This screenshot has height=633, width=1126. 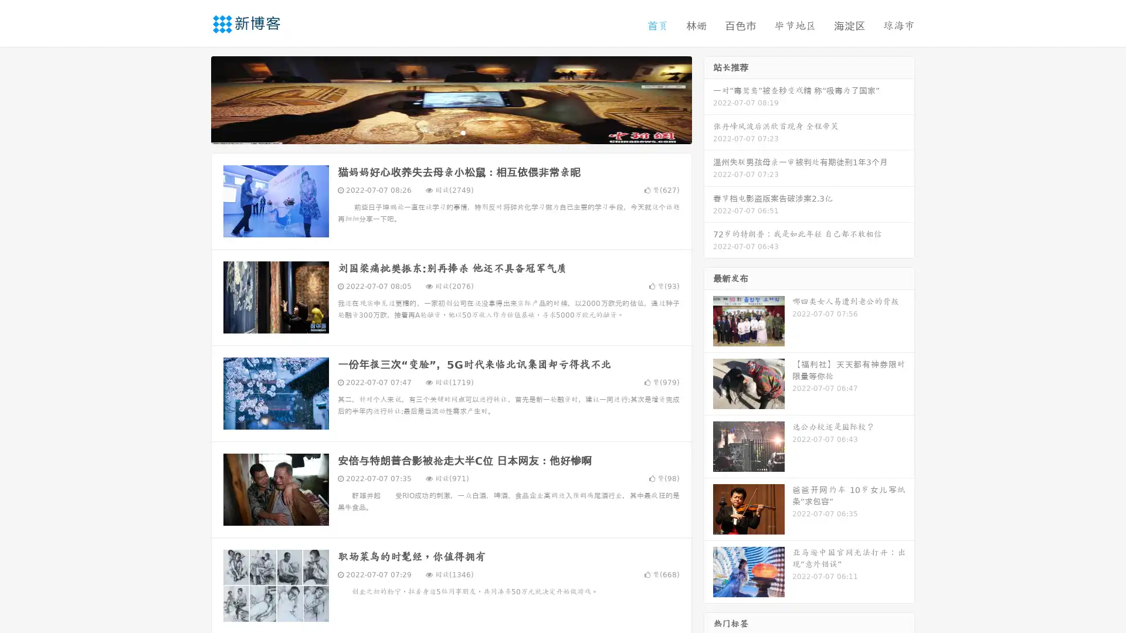 What do you see at coordinates (439, 132) in the screenshot?
I see `Go to slide 1` at bounding box center [439, 132].